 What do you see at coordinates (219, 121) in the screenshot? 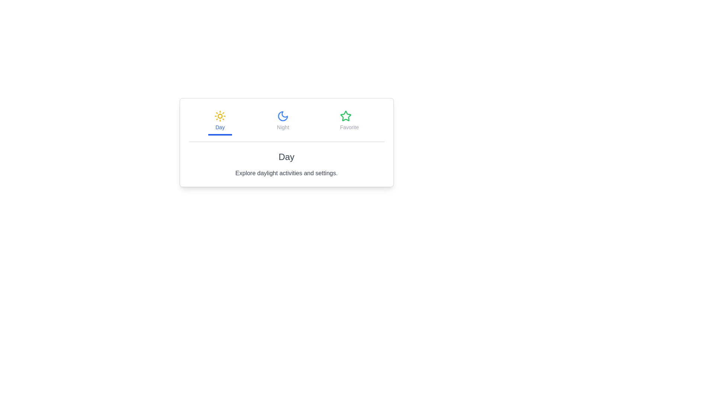
I see `the active tab and its styling properties` at bounding box center [219, 121].